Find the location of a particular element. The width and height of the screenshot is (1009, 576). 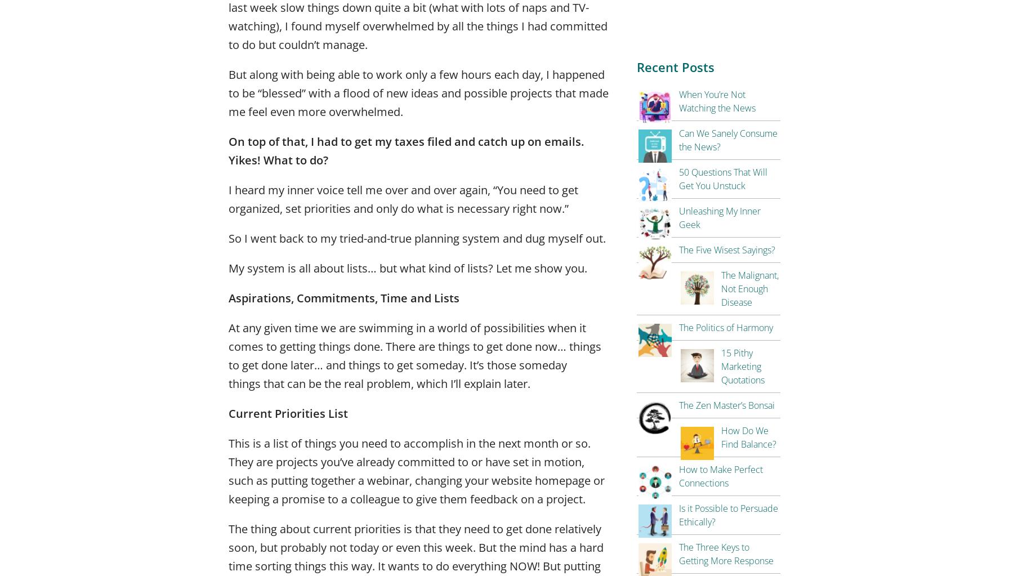

'15 Pithy Marketing Quotations' is located at coordinates (743, 367).